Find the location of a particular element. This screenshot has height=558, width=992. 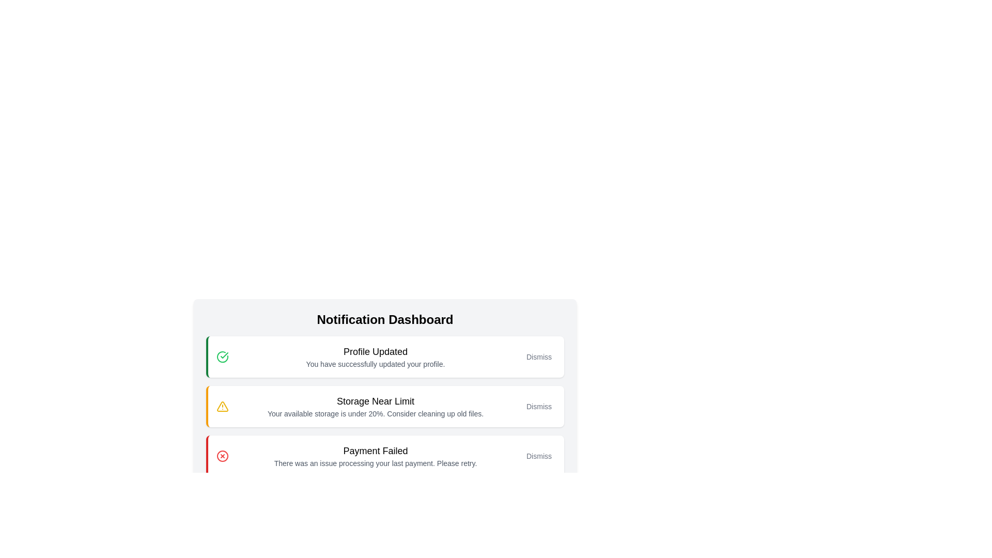

the 'Storage Near Limit' notification component with a dismiss button, which is the second notification within the Notification Dashboard is located at coordinates (384, 419).